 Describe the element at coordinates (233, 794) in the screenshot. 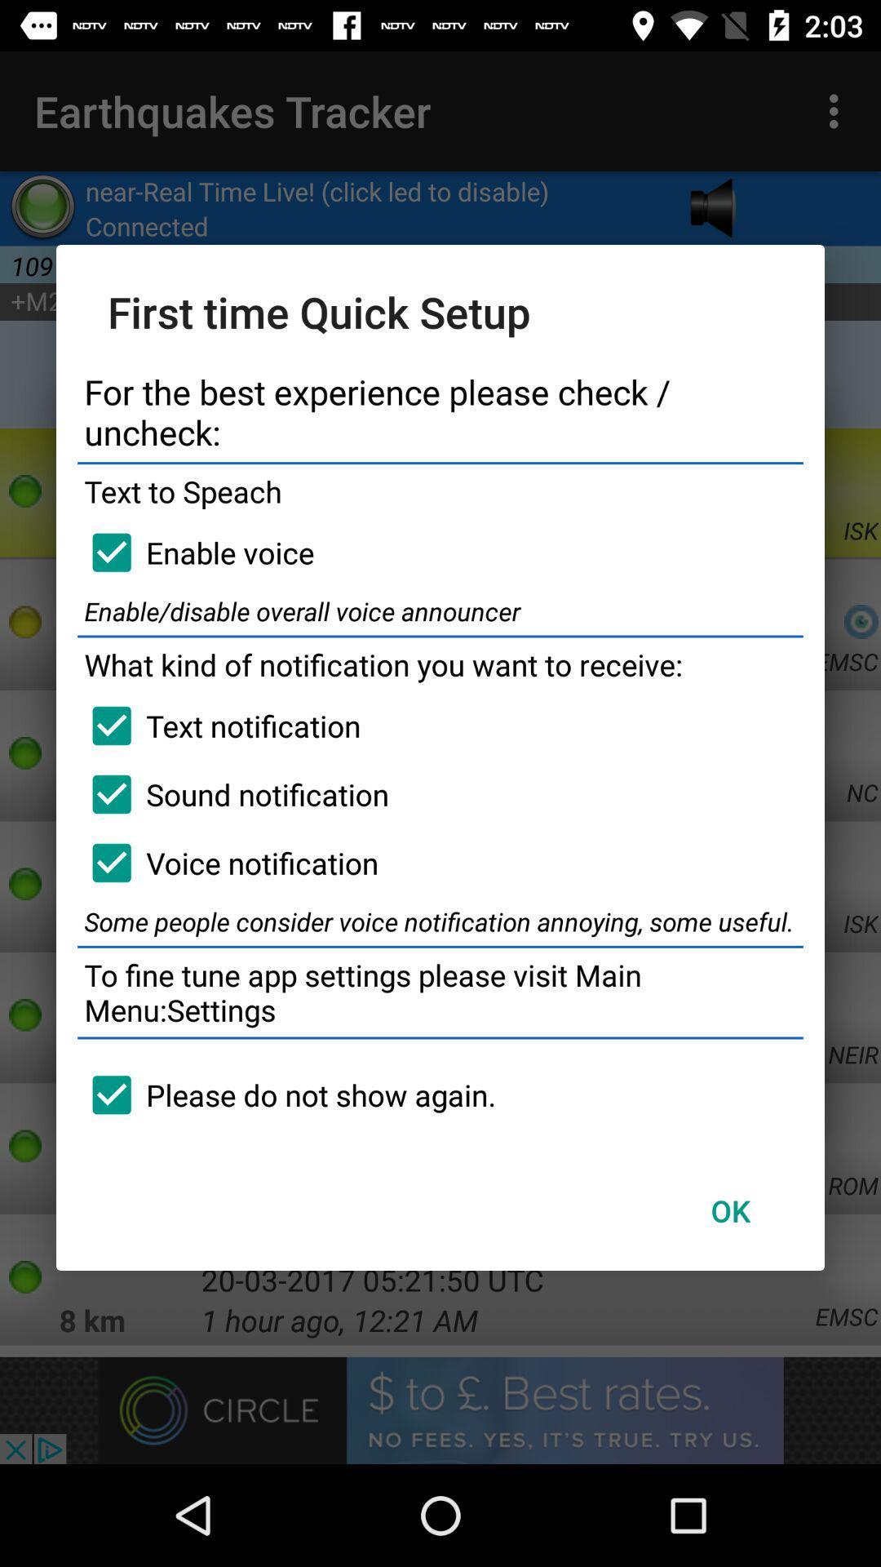

I see `the sound notification icon` at that location.